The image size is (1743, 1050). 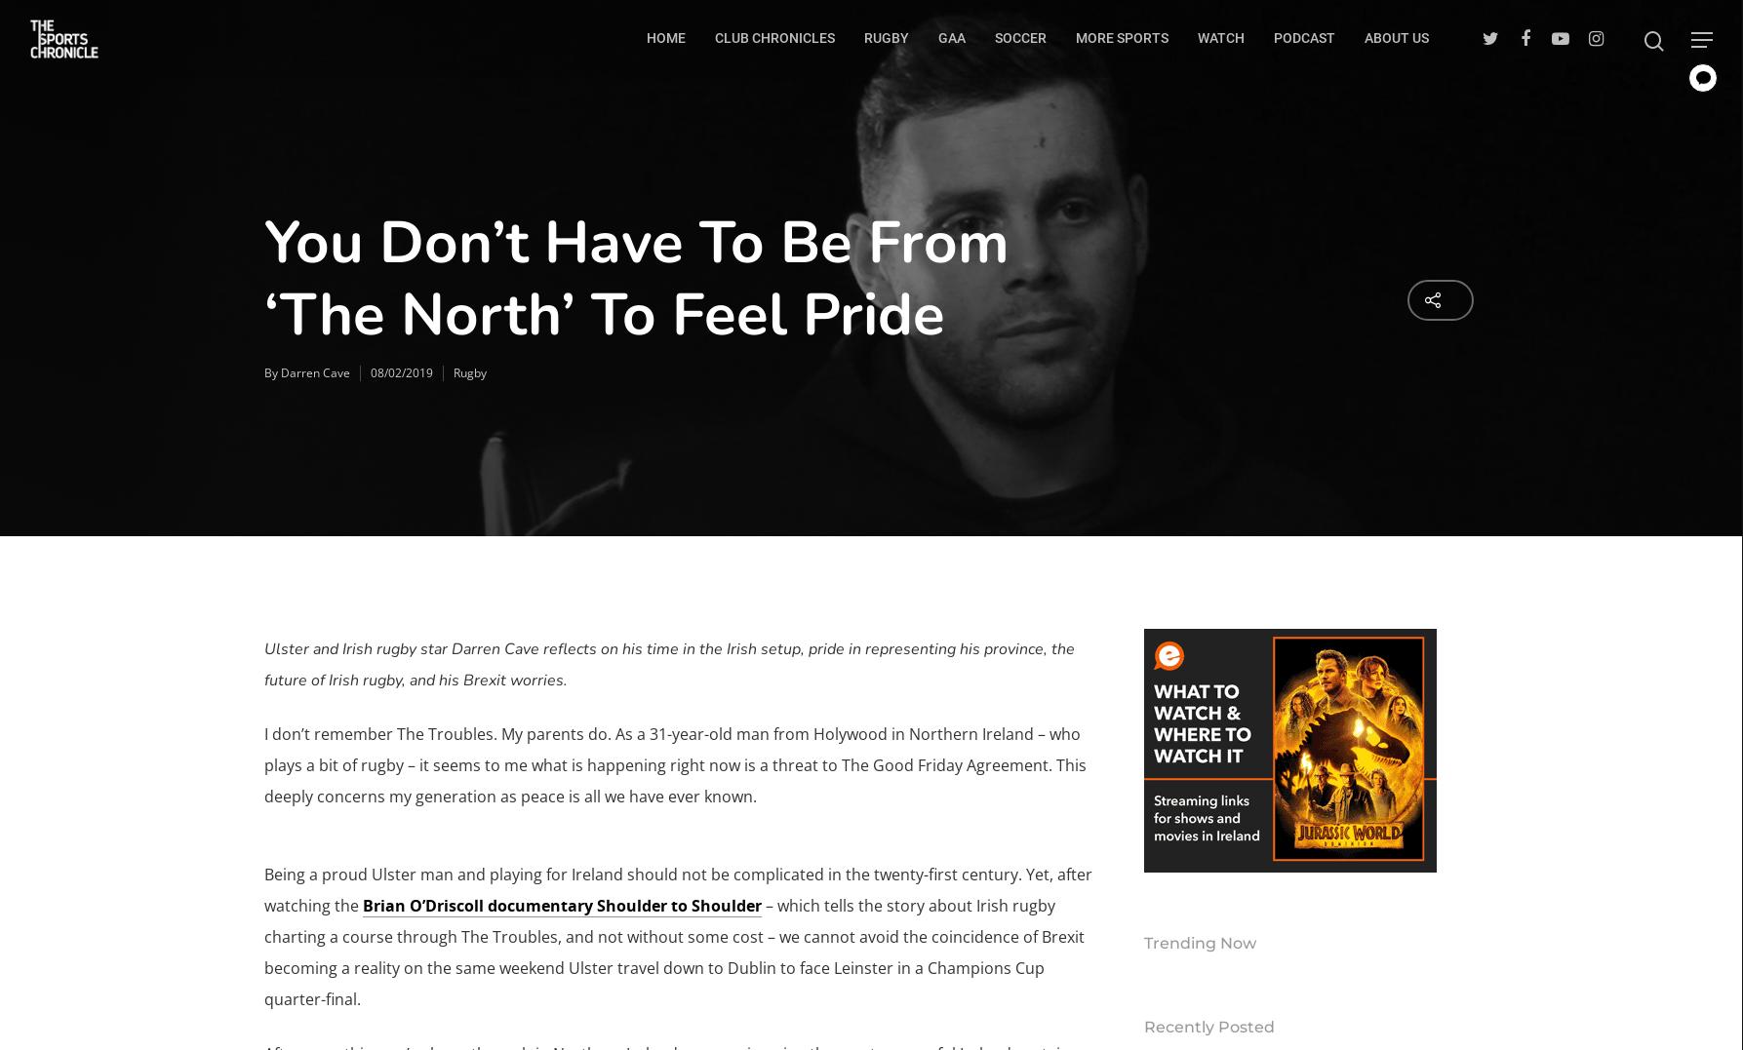 I want to click on '– which tells the story about Irish rugby charting a course through The Troubles, and not without some cost – we cannot avoid the coincidence of Brexit becoming a reality on the same weekend Ulster travel down to Dublin to face Leinster in a Champions Cup quarter-final.', so click(x=672, y=952).